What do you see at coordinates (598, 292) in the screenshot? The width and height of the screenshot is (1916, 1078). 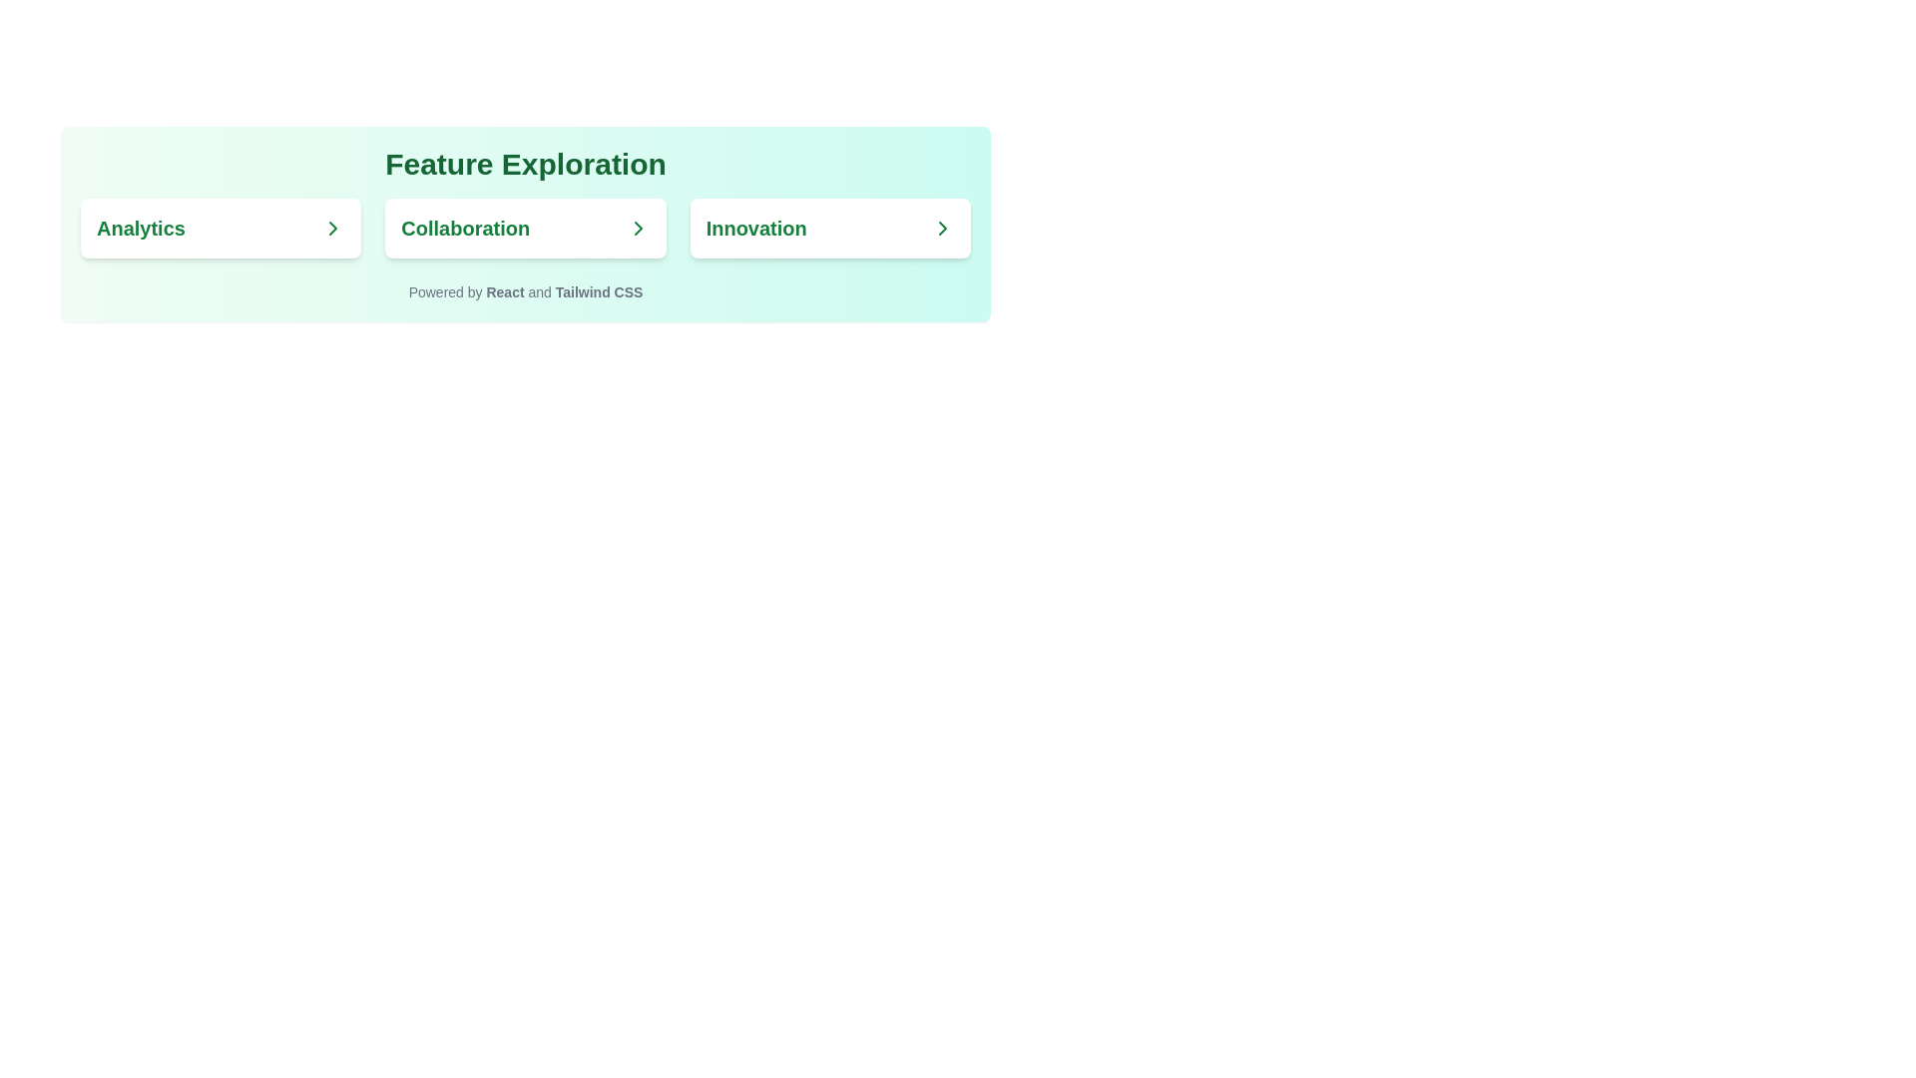 I see `text label displaying 'Tailwind CSS' located at the bottom-center of the main interface, which is the second bolded word in the sentence 'Powered by React and Tailwind CSS'` at bounding box center [598, 292].